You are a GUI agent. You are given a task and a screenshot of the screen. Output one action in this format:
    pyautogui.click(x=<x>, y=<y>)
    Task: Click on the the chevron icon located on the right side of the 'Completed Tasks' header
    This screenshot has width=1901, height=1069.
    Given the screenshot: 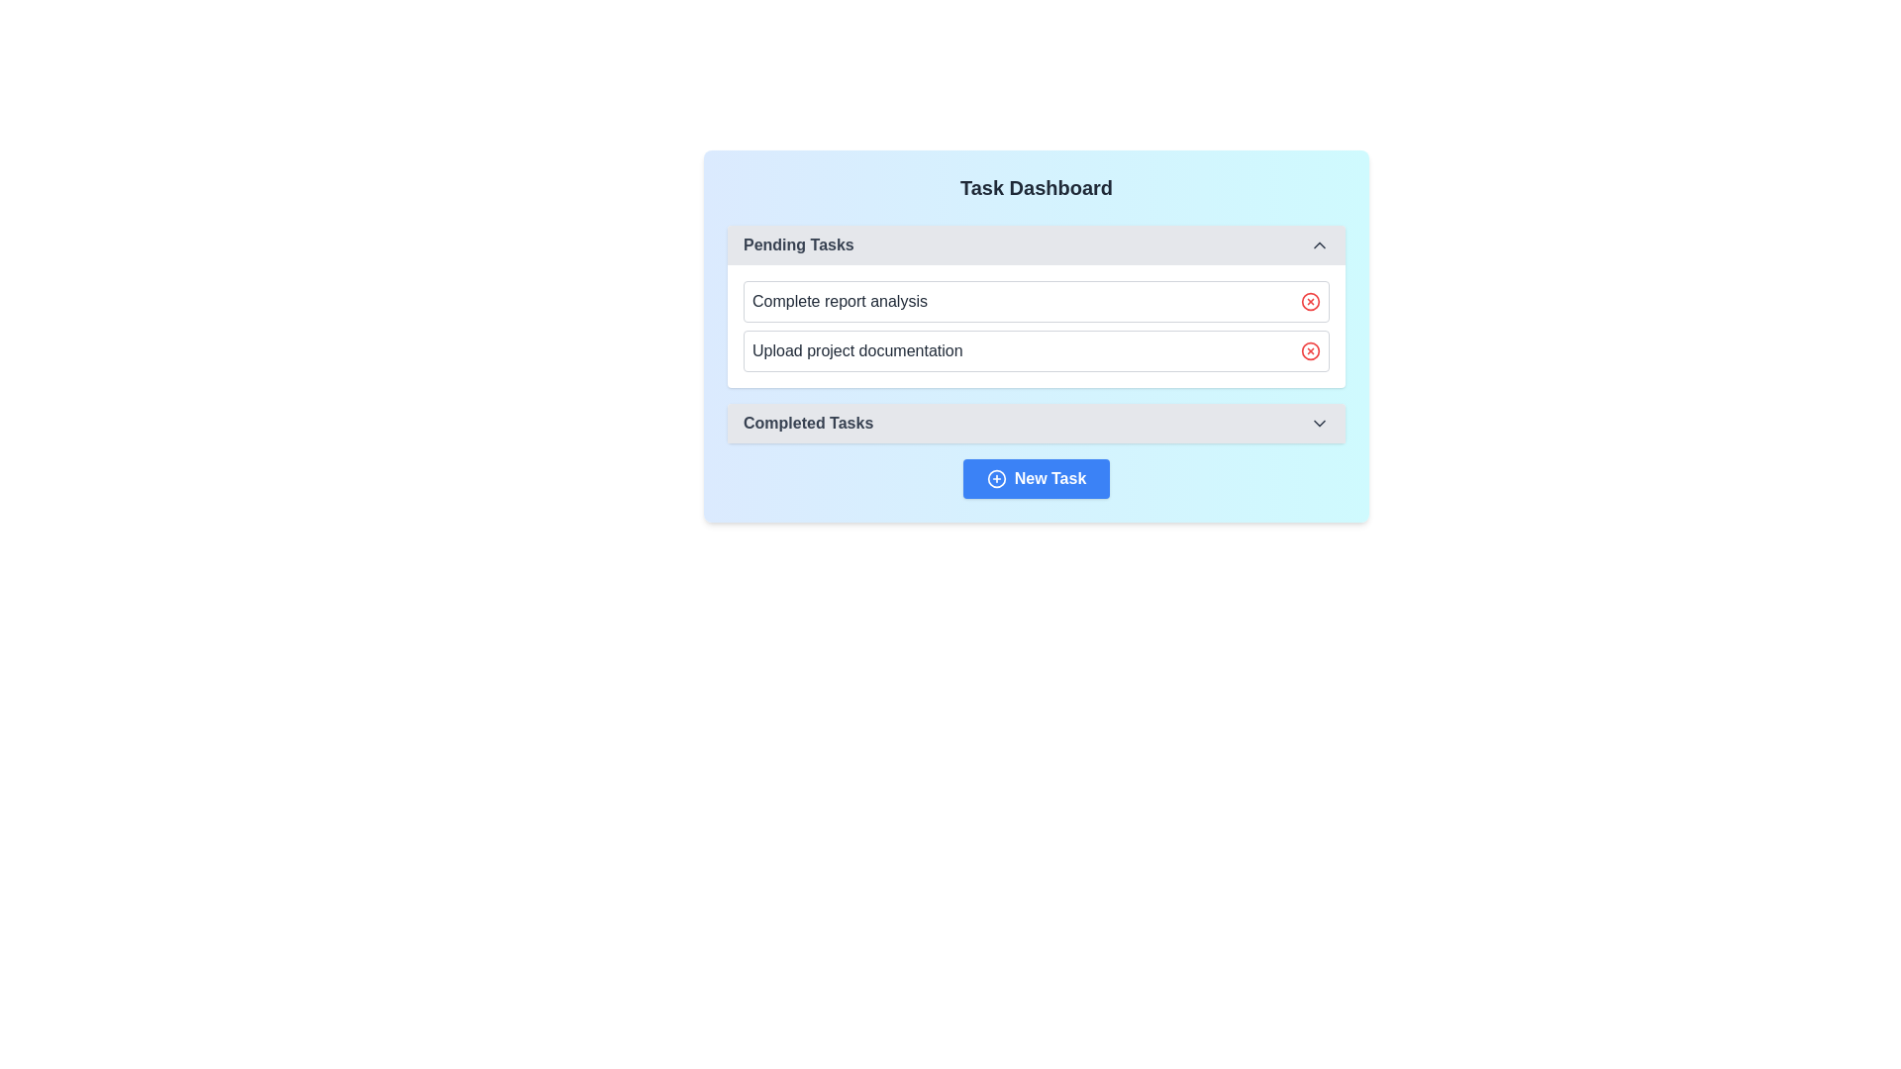 What is the action you would take?
    pyautogui.click(x=1320, y=423)
    